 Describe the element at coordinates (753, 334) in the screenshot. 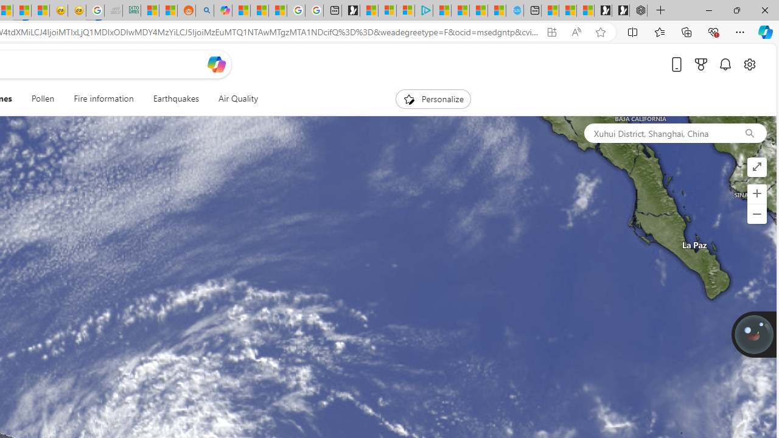

I see `'Join us in planting real trees to help our planet!'` at that location.